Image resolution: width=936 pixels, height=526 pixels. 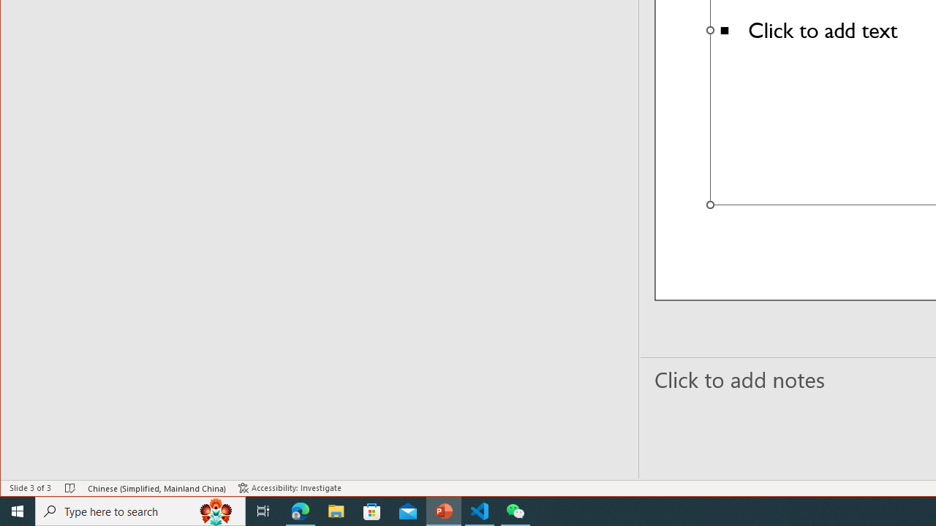 What do you see at coordinates (69, 488) in the screenshot?
I see `'Spell Check No Errors'` at bounding box center [69, 488].